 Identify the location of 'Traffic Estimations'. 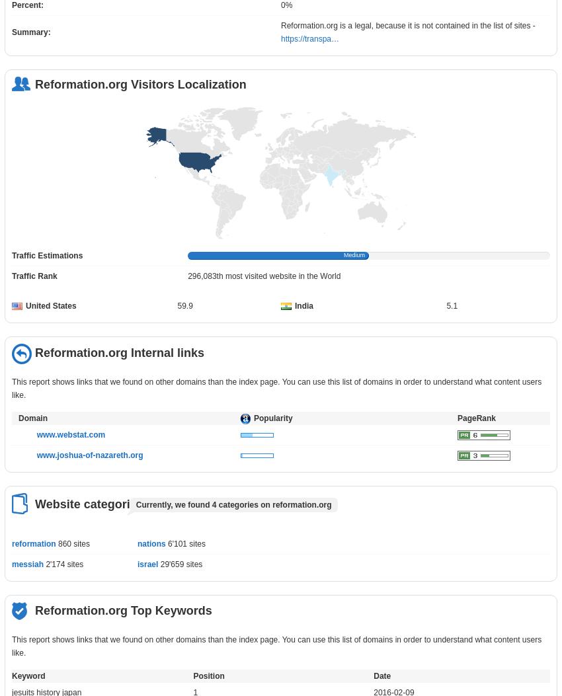
(47, 255).